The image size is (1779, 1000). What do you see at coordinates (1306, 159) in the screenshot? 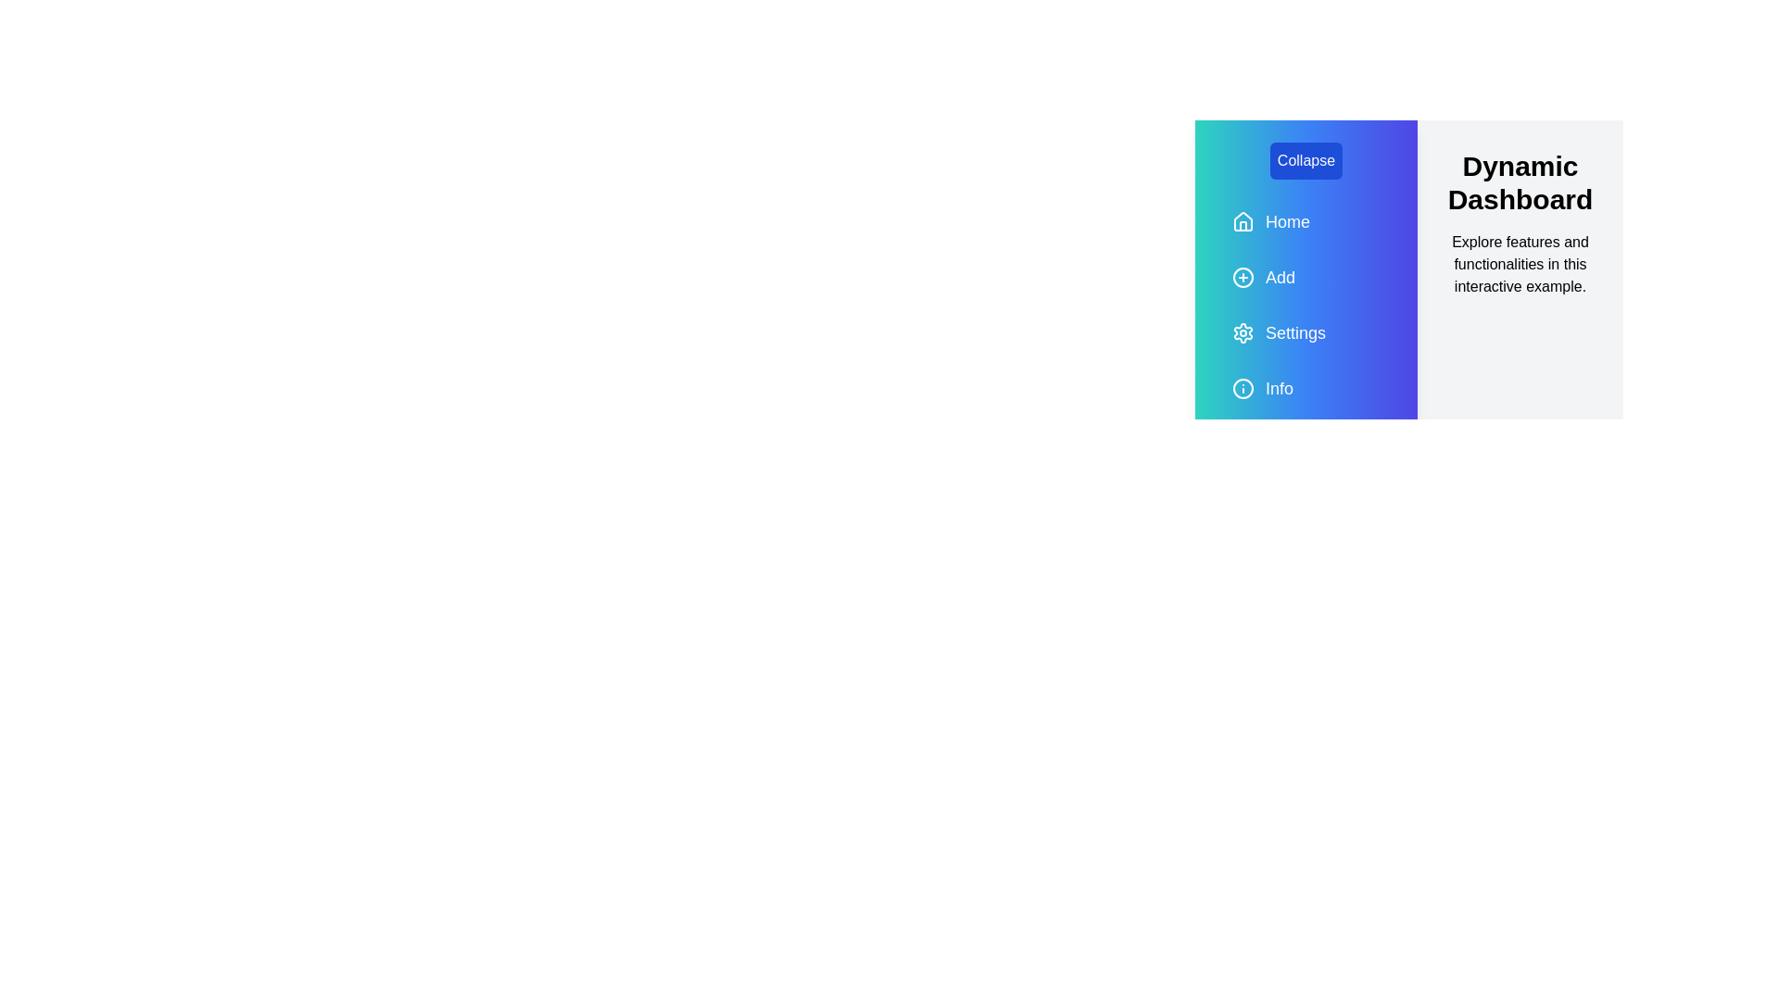
I see `the 'Collapse' button to toggle the drawer state` at bounding box center [1306, 159].